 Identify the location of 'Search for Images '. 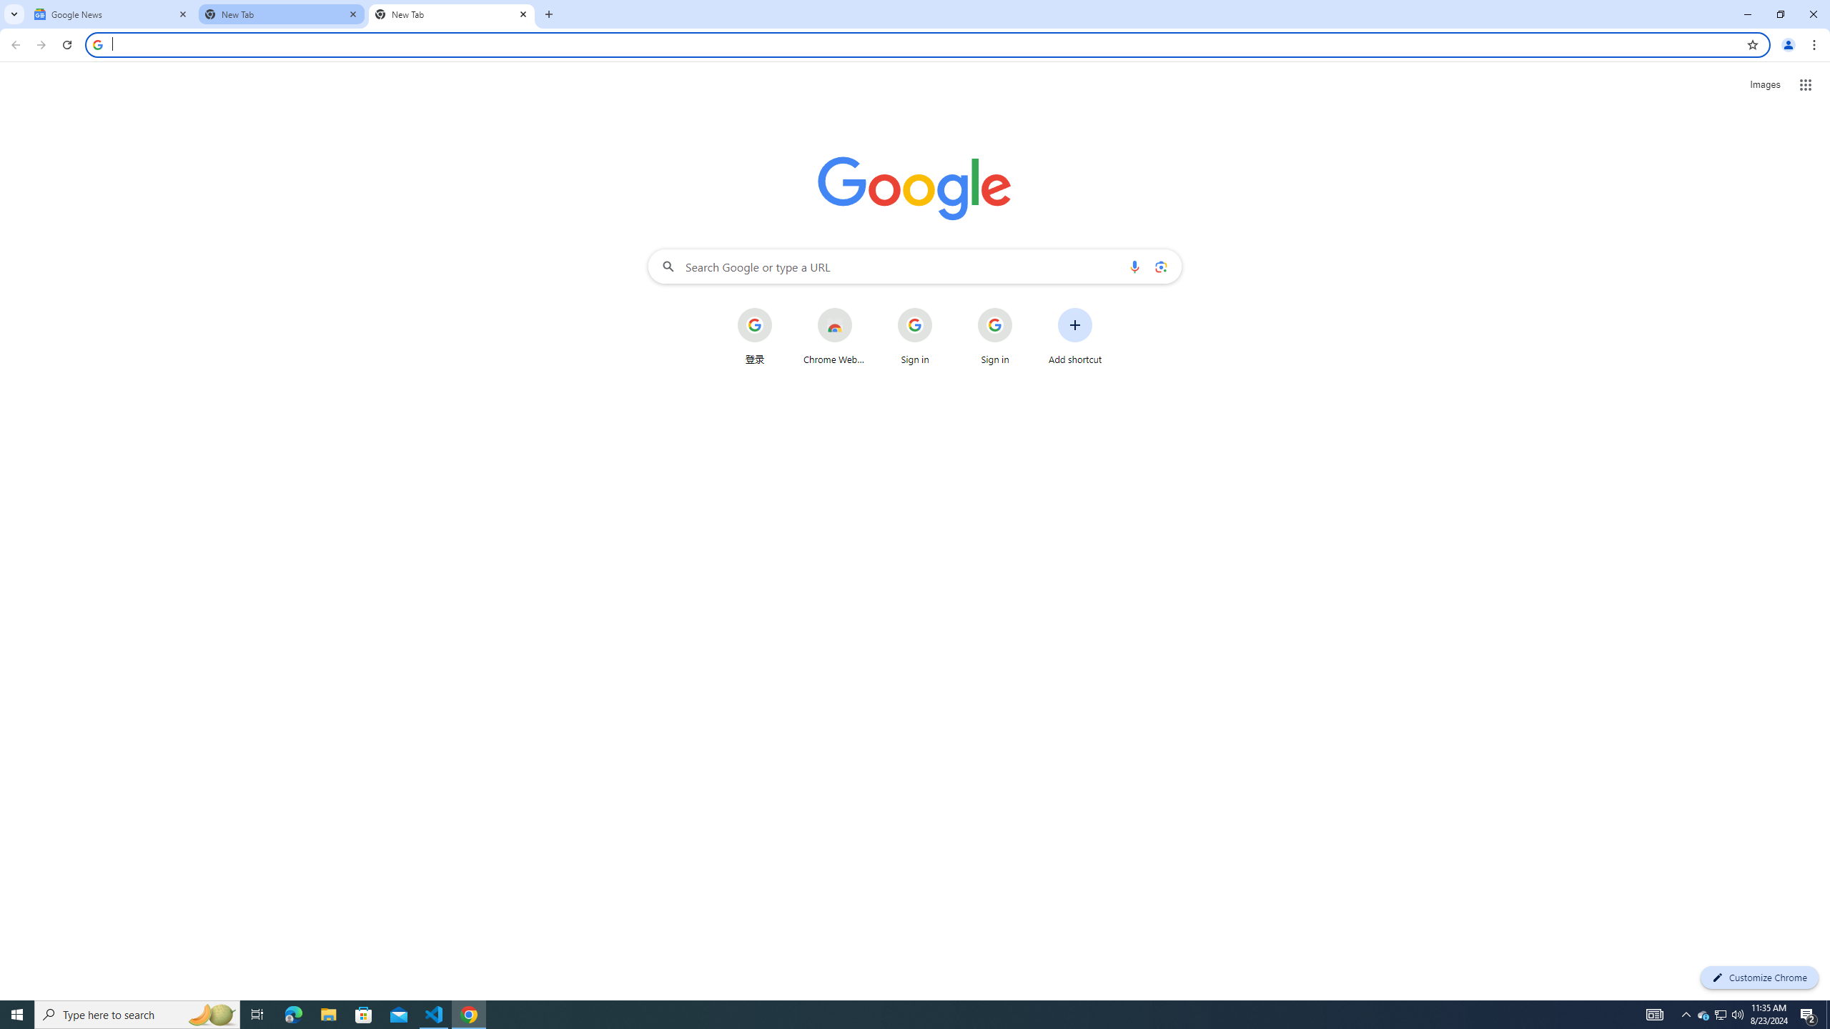
(1765, 84).